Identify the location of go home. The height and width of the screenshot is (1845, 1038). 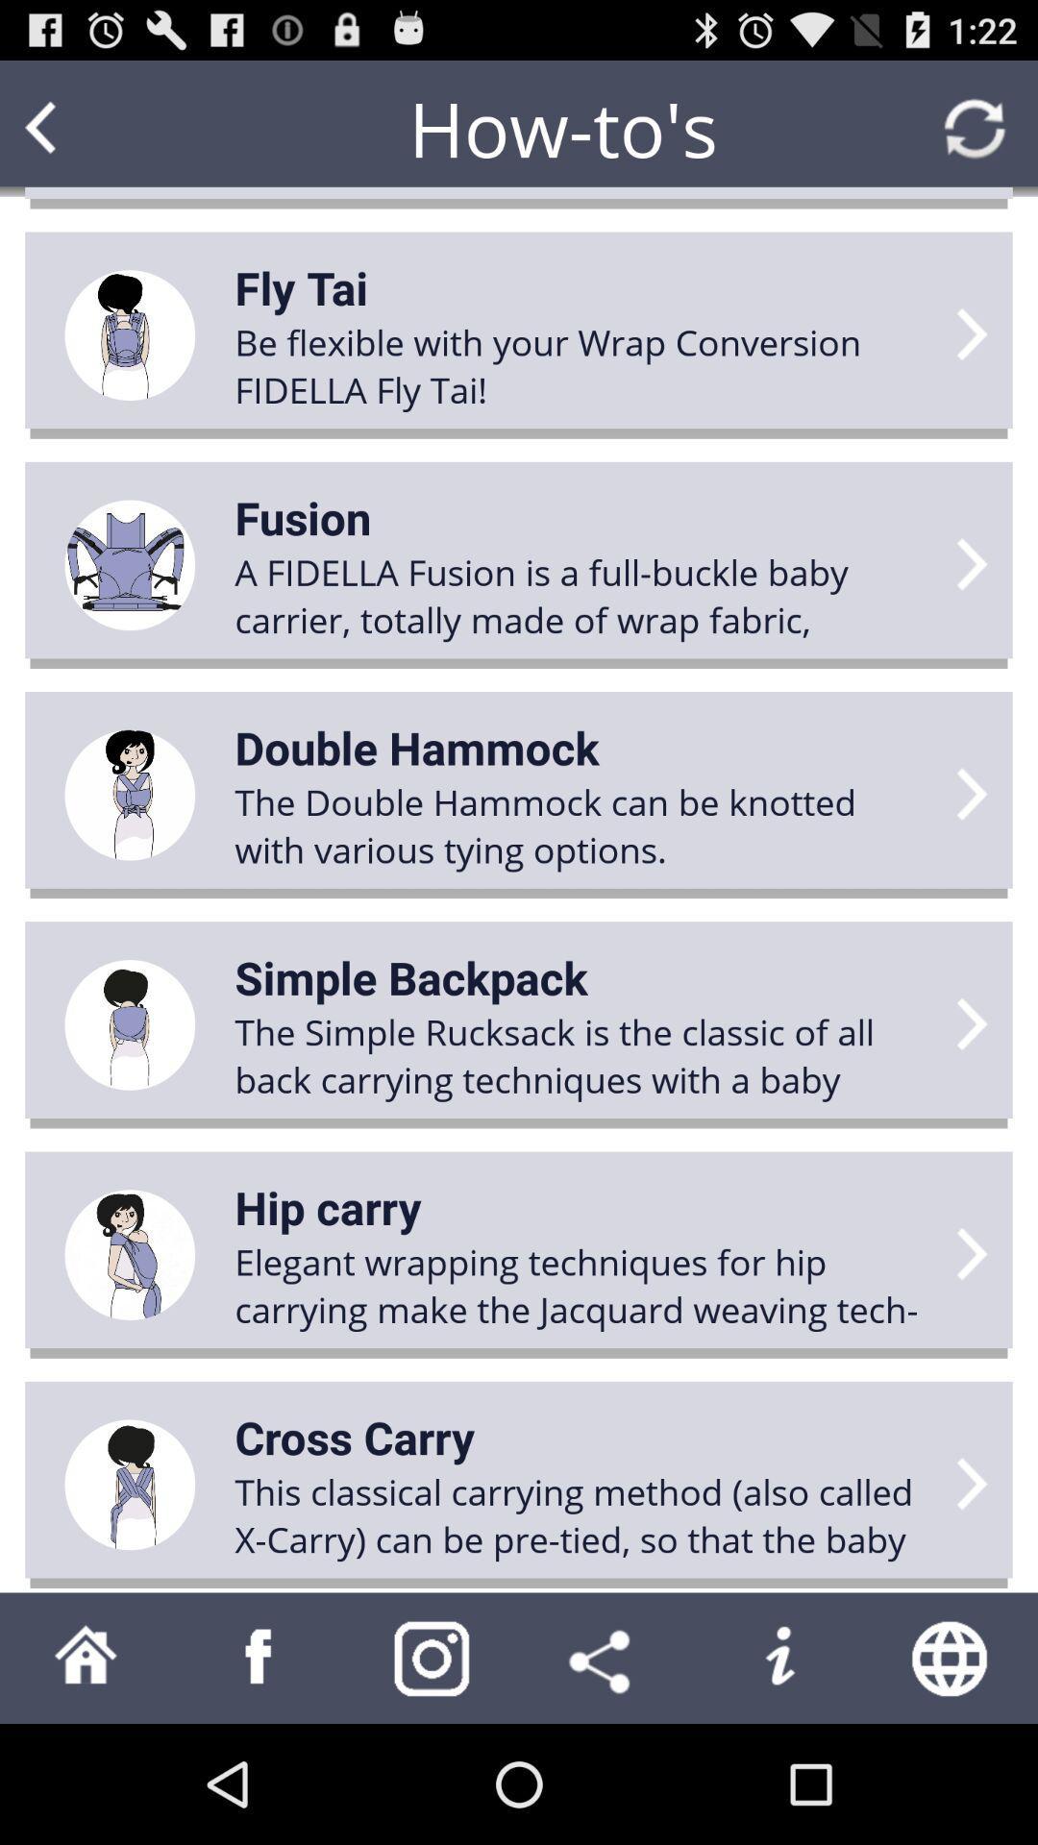
(85, 1657).